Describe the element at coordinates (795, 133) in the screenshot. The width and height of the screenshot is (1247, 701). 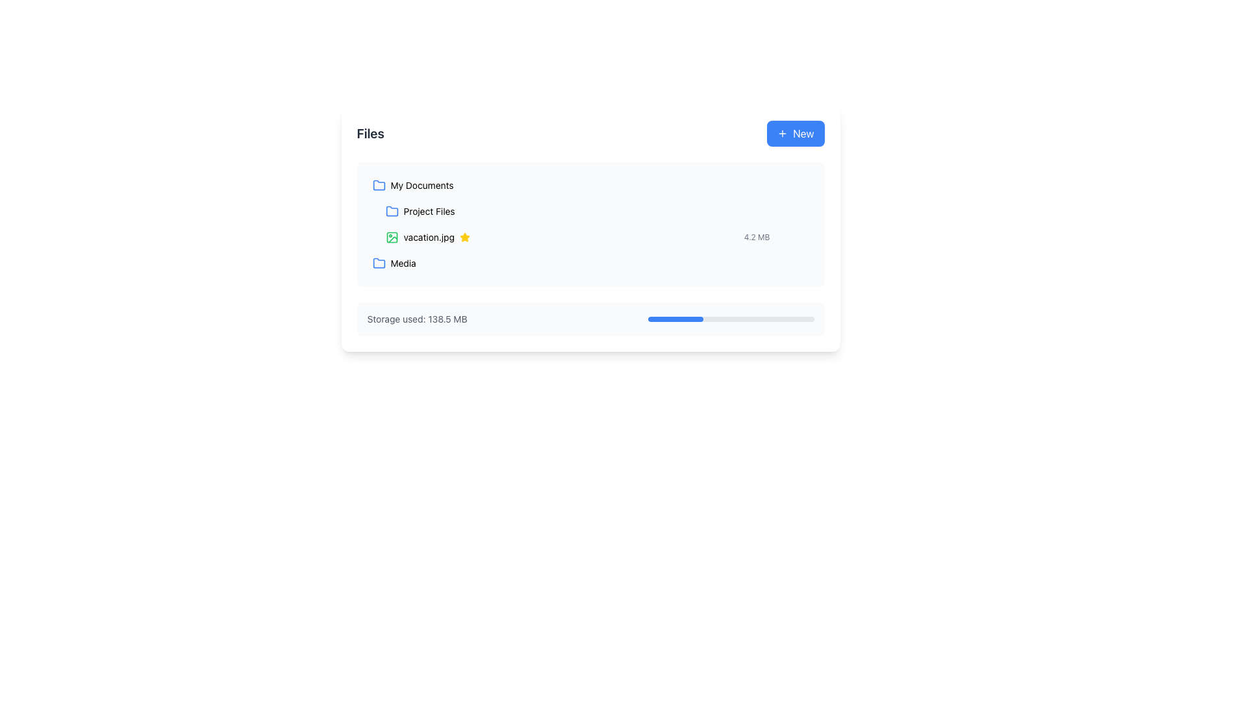
I see `the blue button labeled 'New' with a plus icon to initiate the creation of a new item` at that location.